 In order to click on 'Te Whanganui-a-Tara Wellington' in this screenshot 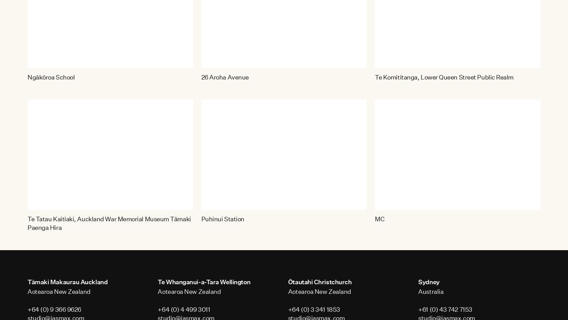, I will do `click(203, 281)`.